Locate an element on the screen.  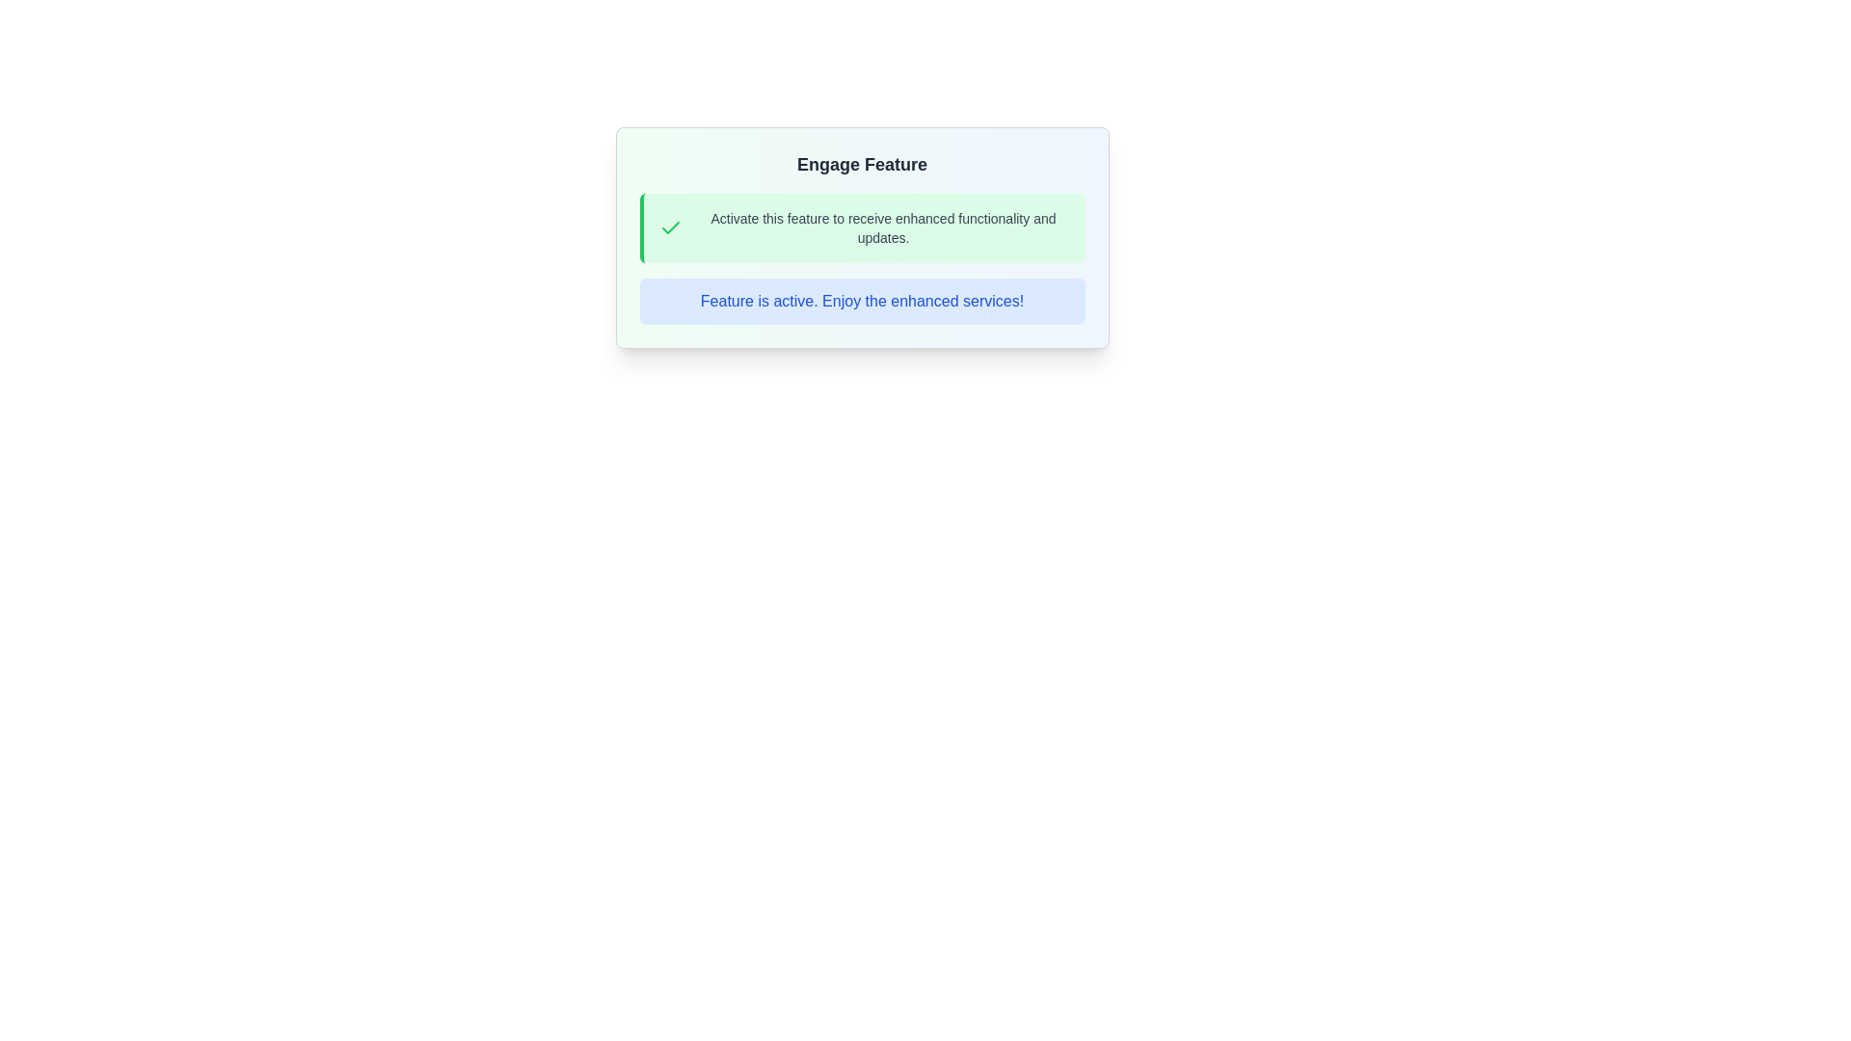
the small green check mark icon, which is located within a green notification box to the left of the text 'Activate this feature to receive enhanced functionality and updates.' is located at coordinates (670, 227).